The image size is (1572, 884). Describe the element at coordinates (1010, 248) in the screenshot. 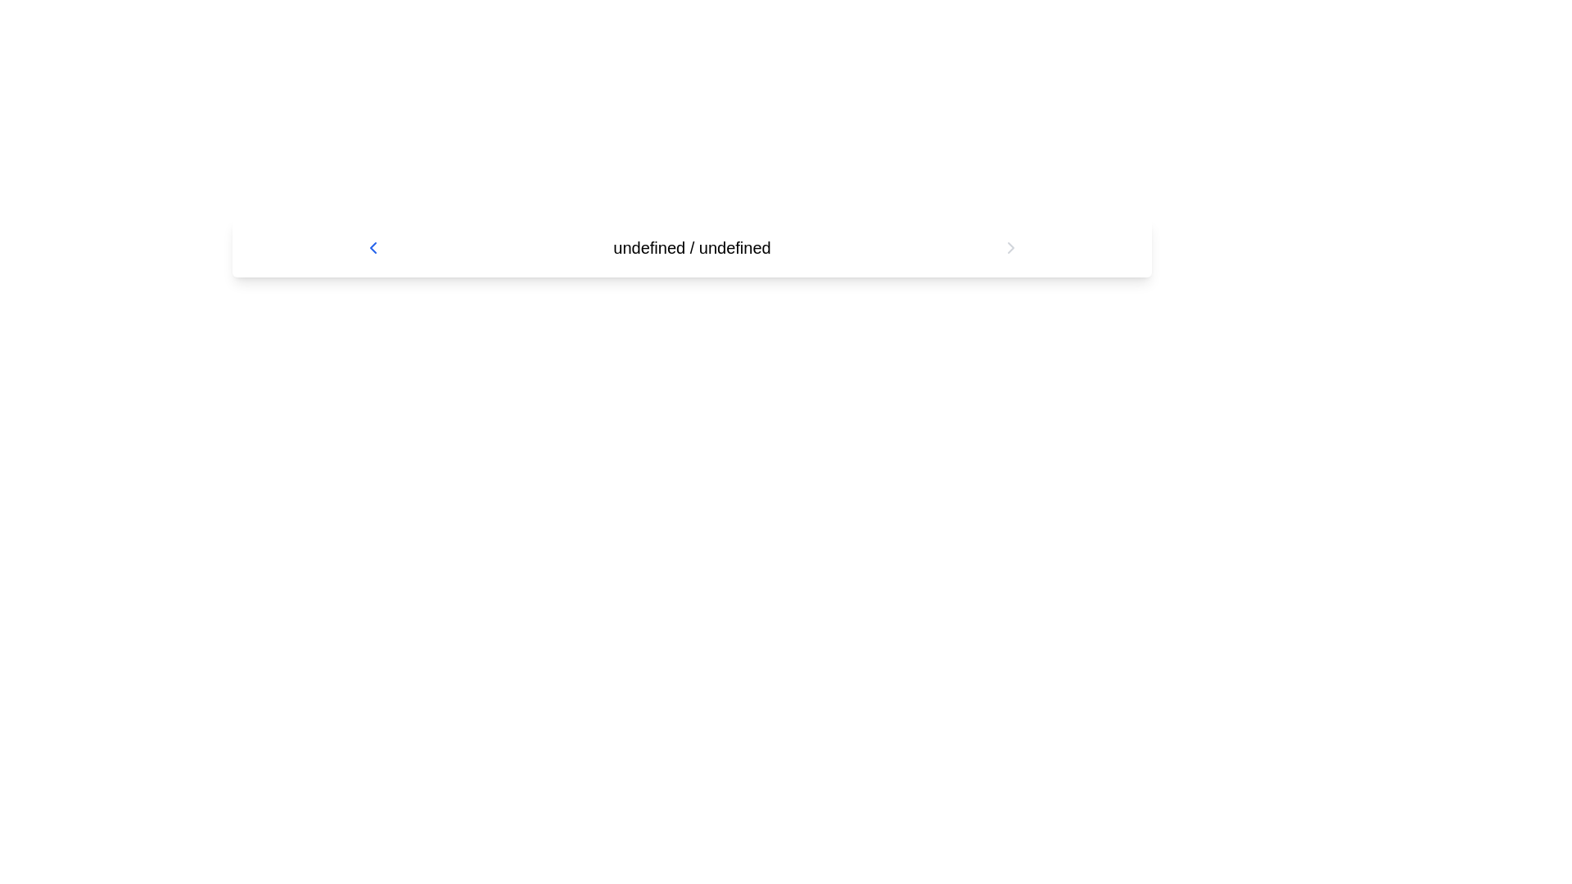

I see `the navigation button for moving to the next page, which is located to the right of the pagination bar` at that location.